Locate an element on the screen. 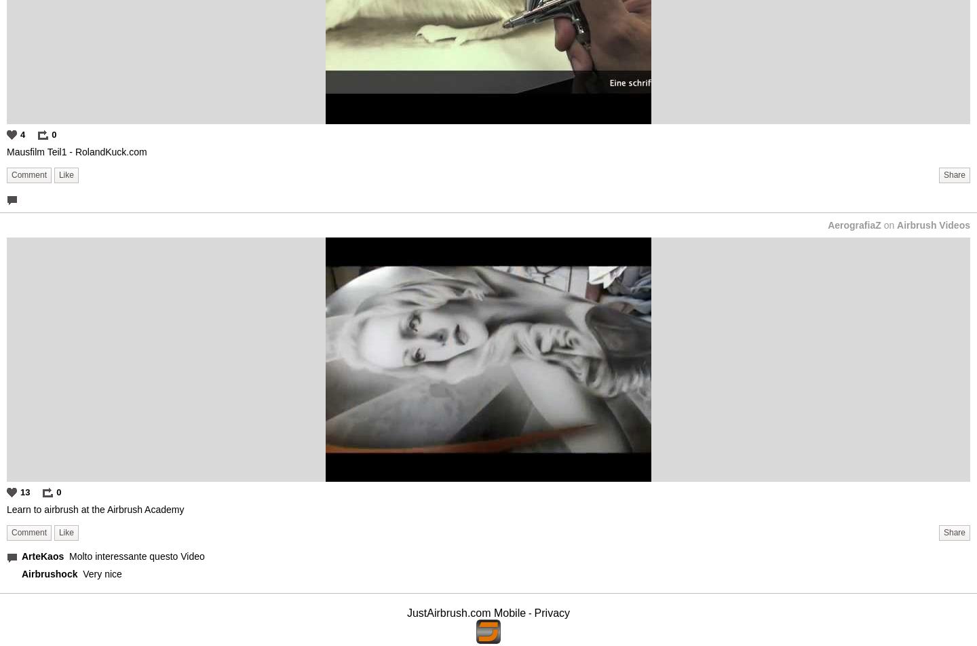 The image size is (977, 646). 'Learn to airbrush at the Airbrush Academy' is located at coordinates (94, 508).